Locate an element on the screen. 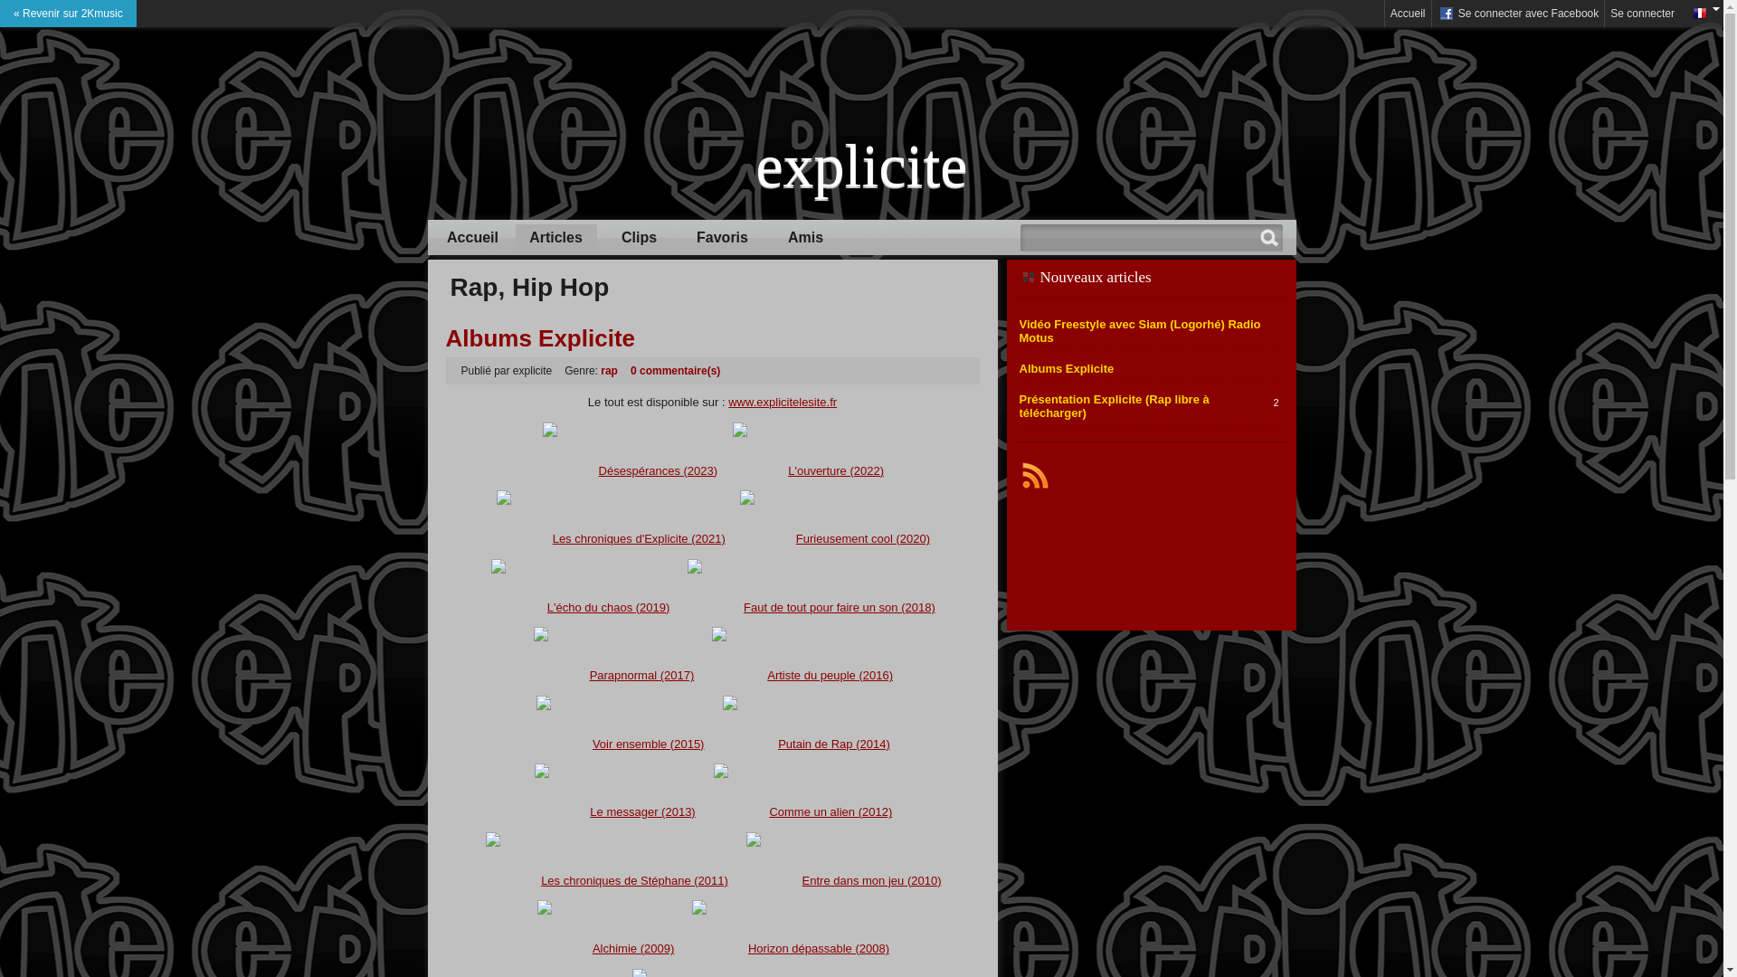 This screenshot has width=1737, height=977. 'Voir ensemble (2015)' is located at coordinates (648, 743).